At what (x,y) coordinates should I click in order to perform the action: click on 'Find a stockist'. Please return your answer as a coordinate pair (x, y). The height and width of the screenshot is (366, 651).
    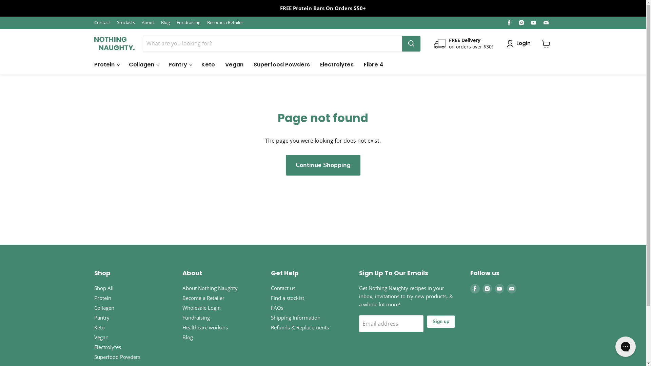
    Looking at the image, I should click on (287, 298).